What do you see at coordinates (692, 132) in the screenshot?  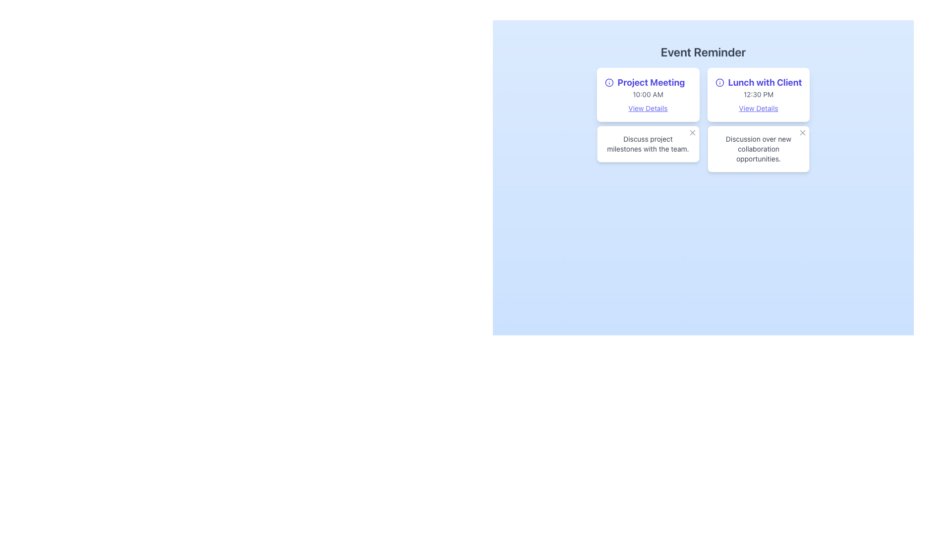 I see `the close button located in the upper-right corner of the white panel displaying 'Discuss project milestones with the team'` at bounding box center [692, 132].